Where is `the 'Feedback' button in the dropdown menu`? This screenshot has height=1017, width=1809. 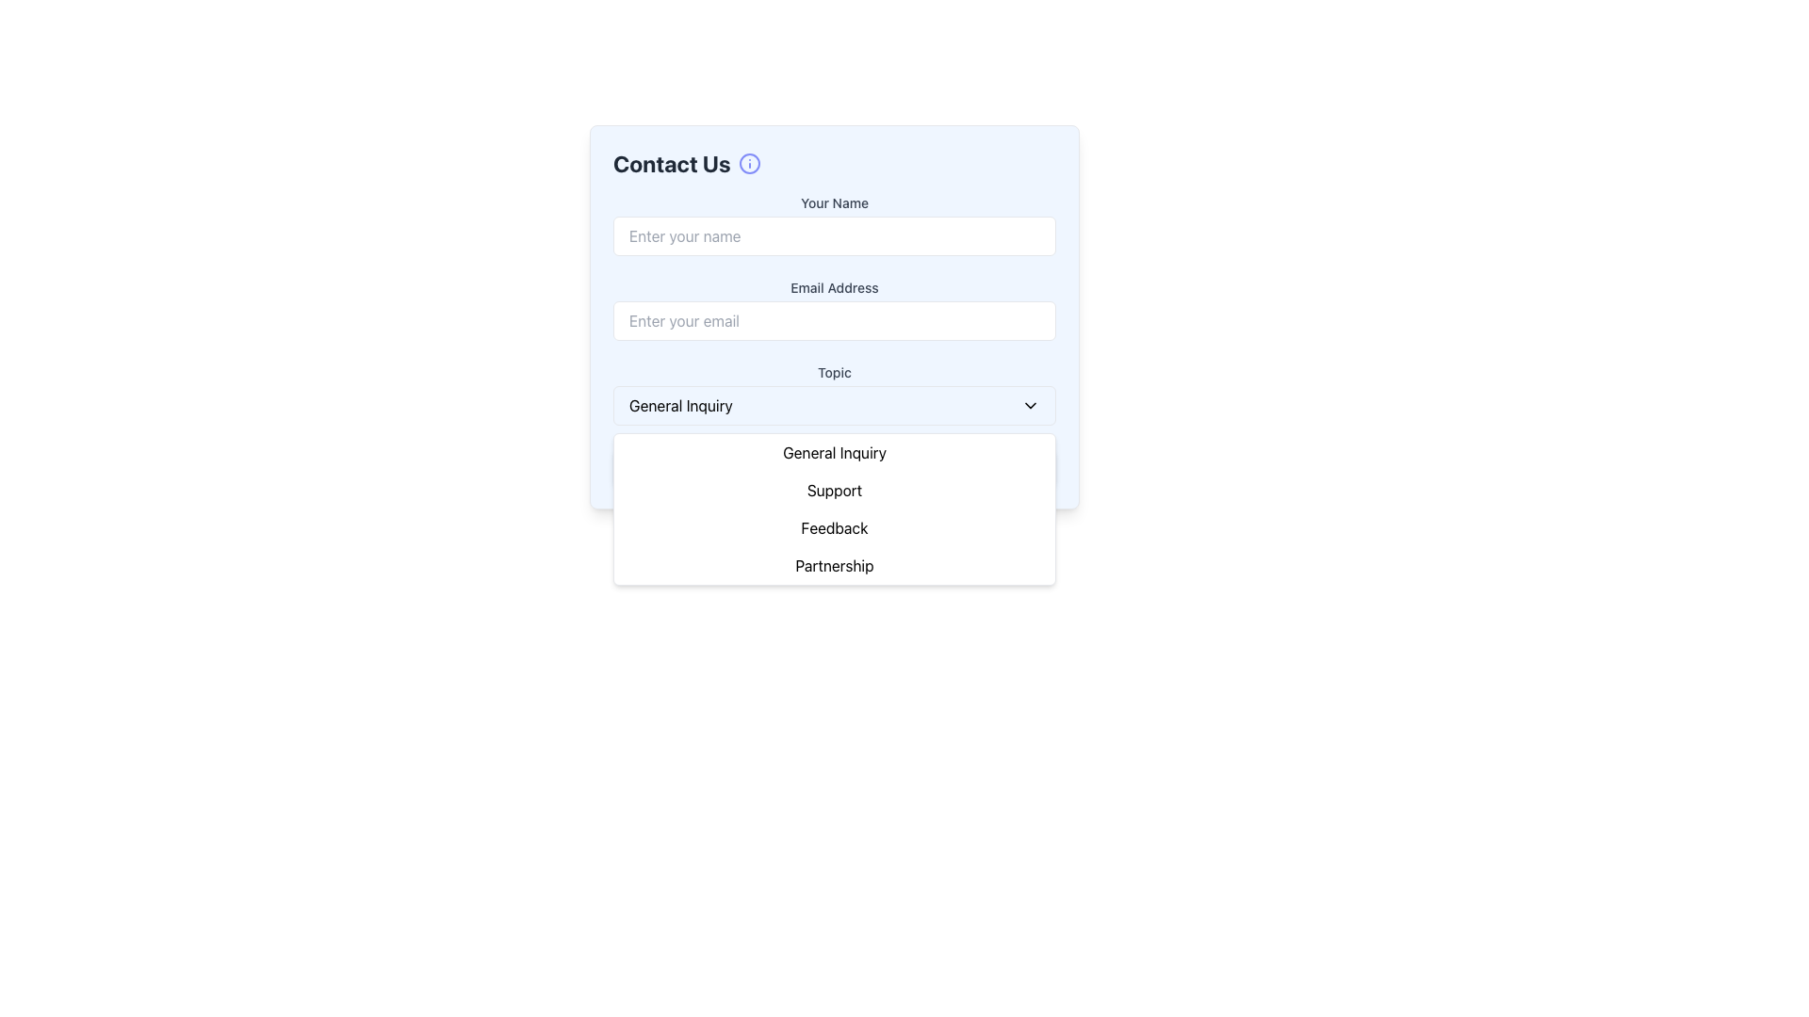
the 'Feedback' button in the dropdown menu is located at coordinates (834, 527).